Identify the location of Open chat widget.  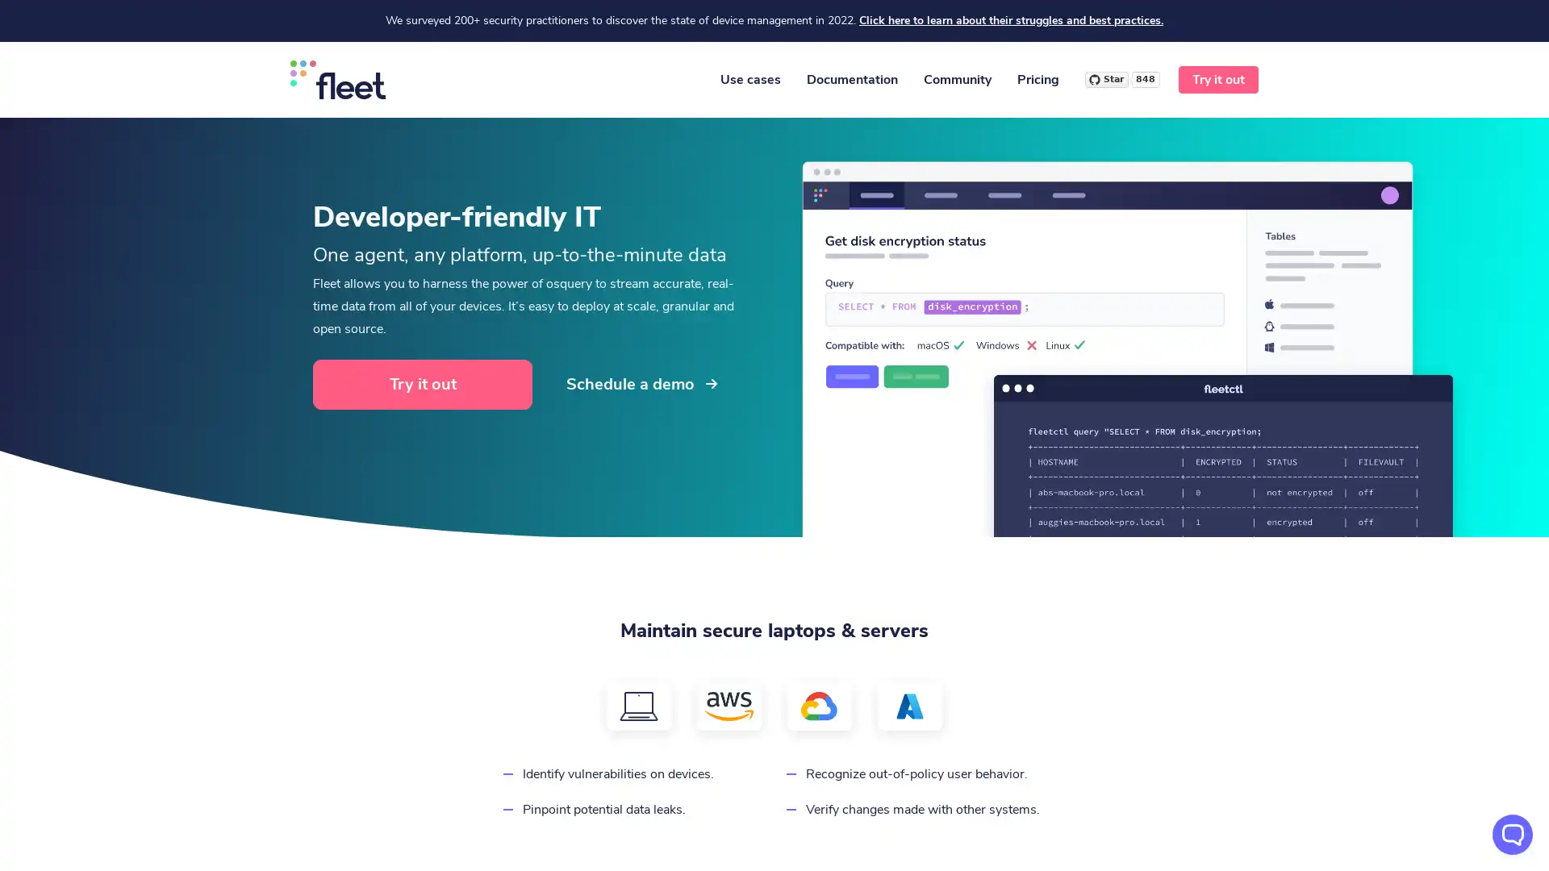
(1512, 834).